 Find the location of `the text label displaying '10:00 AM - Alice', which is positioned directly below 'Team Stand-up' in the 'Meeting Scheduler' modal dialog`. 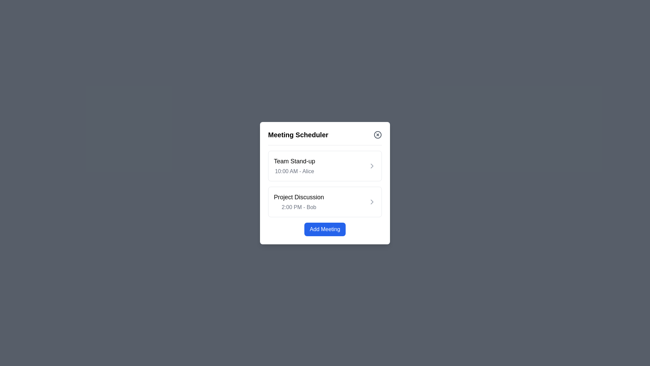

the text label displaying '10:00 AM - Alice', which is positioned directly below 'Team Stand-up' in the 'Meeting Scheduler' modal dialog is located at coordinates (294, 171).